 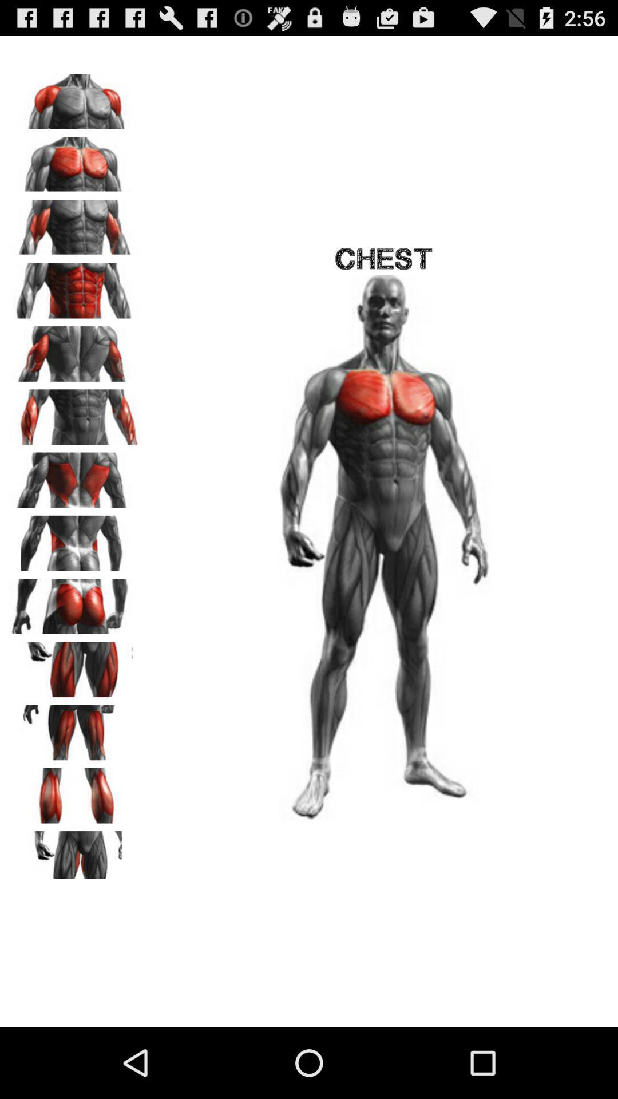 I want to click on selects mussles, so click(x=75, y=224).